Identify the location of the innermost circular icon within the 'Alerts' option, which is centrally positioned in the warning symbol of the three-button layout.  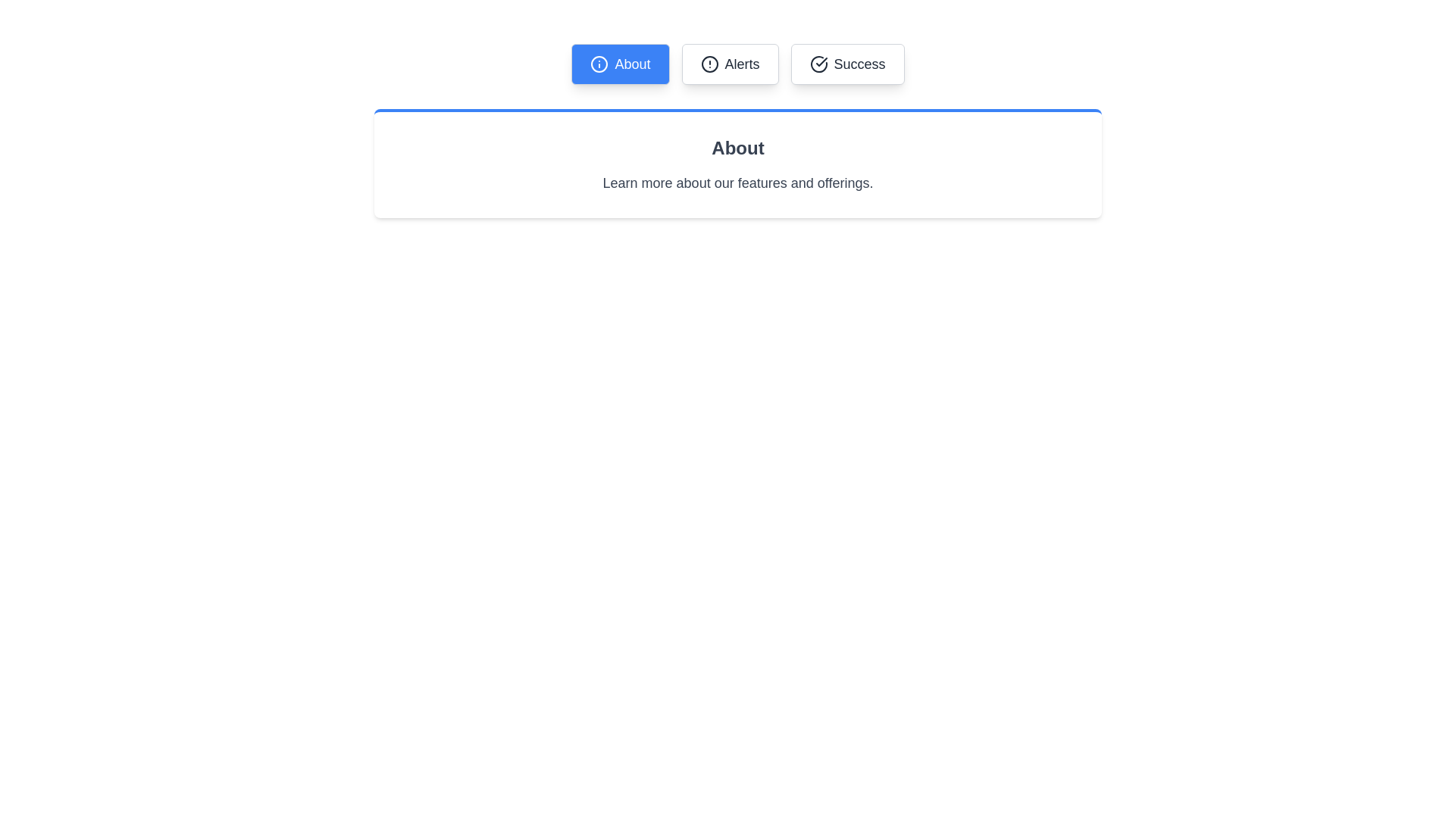
(709, 63).